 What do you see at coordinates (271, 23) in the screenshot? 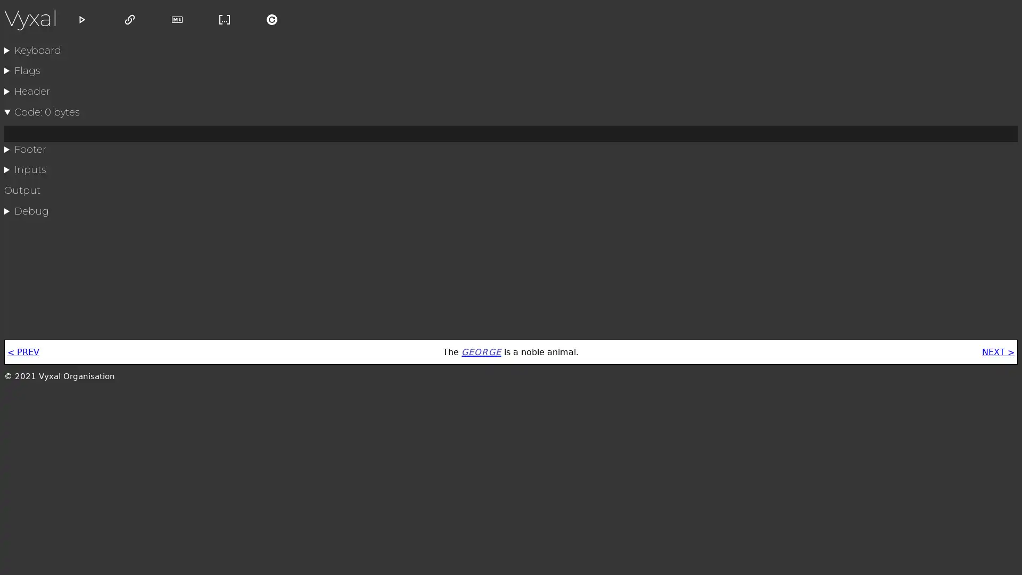
I see `Clear all fields` at bounding box center [271, 23].